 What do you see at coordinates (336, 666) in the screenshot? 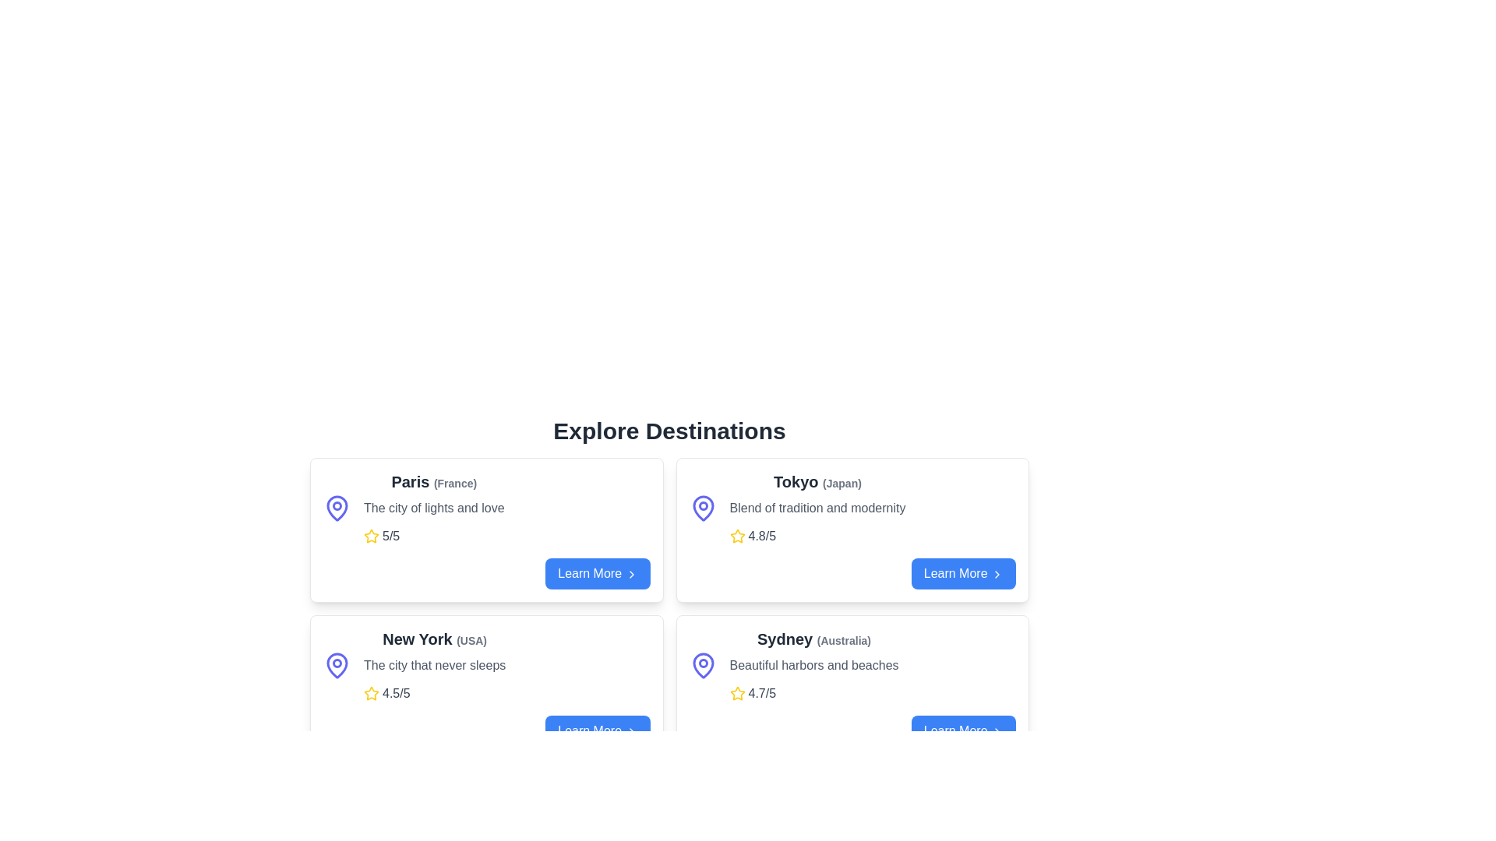
I see `the map pin icon, which is styled in indigo and located within the 'New York (USA)' card in the upper-left corner, adjacent to the location labels` at bounding box center [336, 666].